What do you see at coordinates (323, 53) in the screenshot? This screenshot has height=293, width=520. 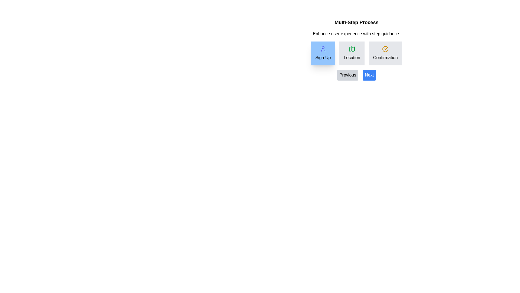 I see `the leftmost button in the series of step indicators` at bounding box center [323, 53].